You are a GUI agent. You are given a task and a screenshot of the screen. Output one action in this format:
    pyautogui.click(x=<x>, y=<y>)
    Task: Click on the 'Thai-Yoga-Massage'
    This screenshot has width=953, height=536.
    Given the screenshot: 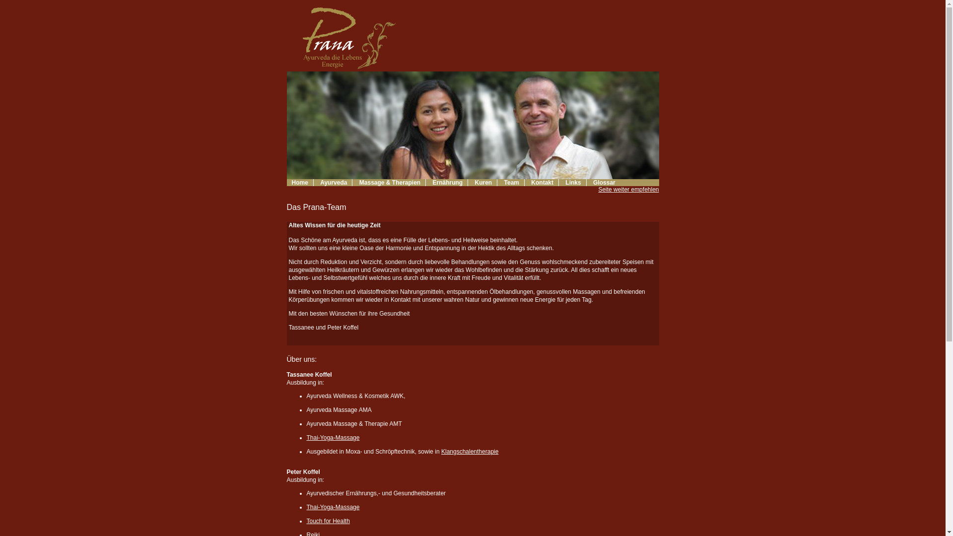 What is the action you would take?
    pyautogui.click(x=333, y=437)
    